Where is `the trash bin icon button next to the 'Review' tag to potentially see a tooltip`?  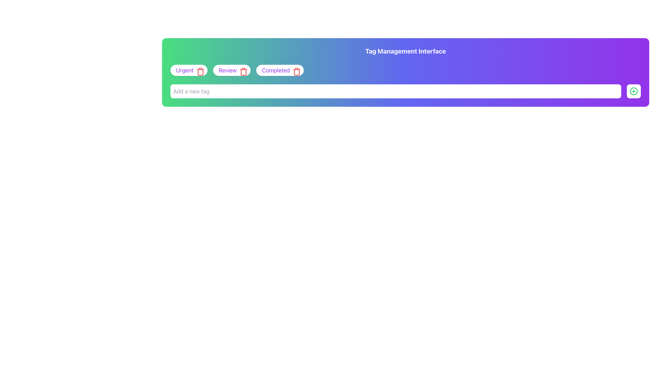
the trash bin icon button next to the 'Review' tag to potentially see a tooltip is located at coordinates (244, 71).